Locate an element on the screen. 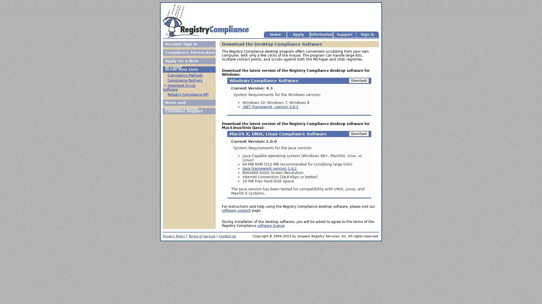 Image resolution: width=542 pixels, height=304 pixels. Download is located at coordinates (359, 81).